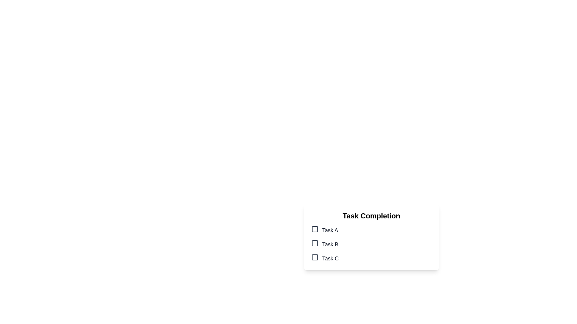 Image resolution: width=577 pixels, height=324 pixels. What do you see at coordinates (330, 244) in the screenshot?
I see `the second label in the vertical list of text labels, which serves as a description for the corresponding checkbox, positioned between 'Task A' and 'Task C'` at bounding box center [330, 244].